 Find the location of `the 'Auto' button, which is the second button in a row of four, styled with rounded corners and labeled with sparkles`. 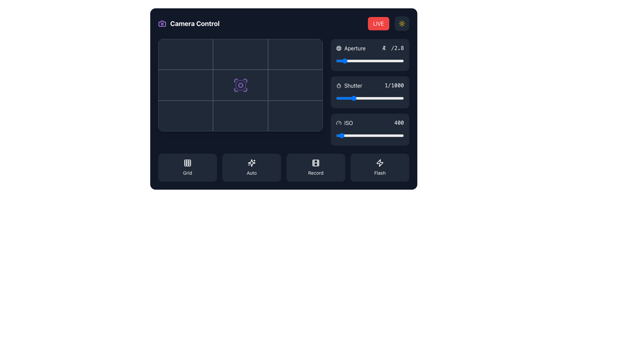

the 'Auto' button, which is the second button in a row of four, styled with rounded corners and labeled with sparkles is located at coordinates (251, 167).